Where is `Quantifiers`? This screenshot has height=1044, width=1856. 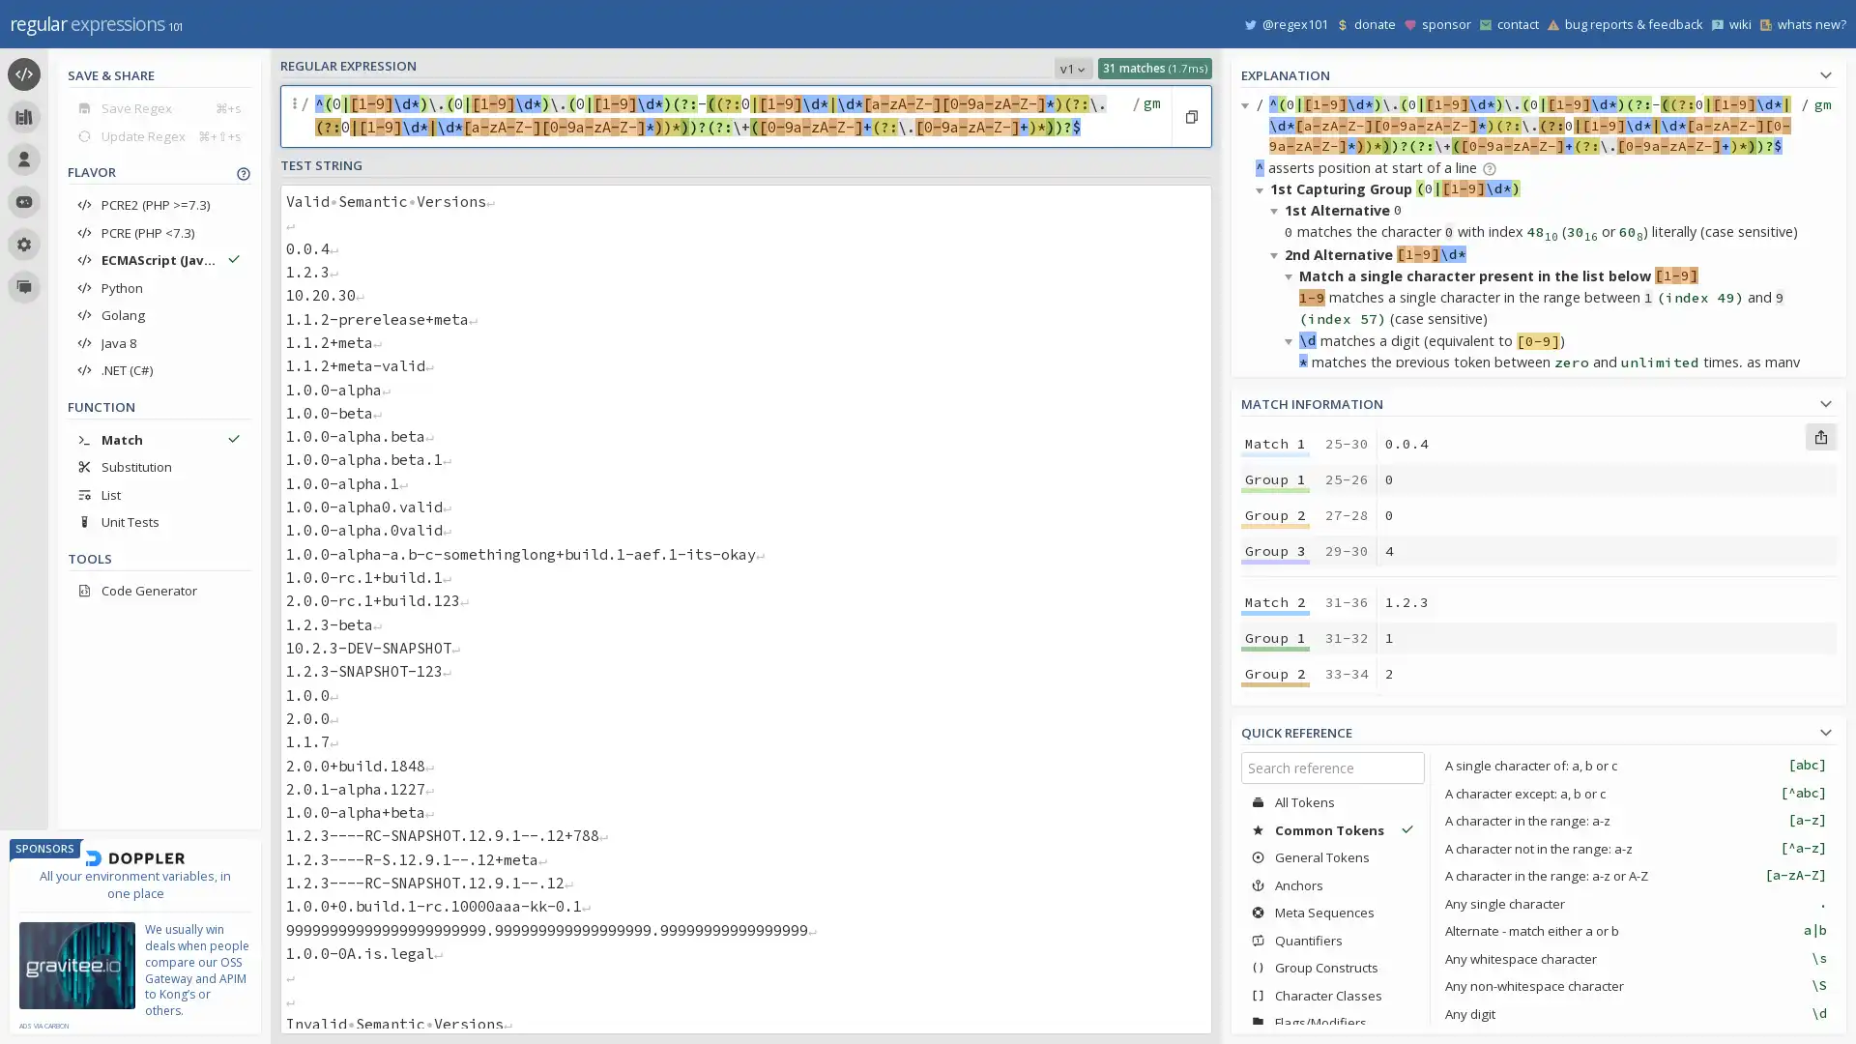 Quantifiers is located at coordinates (1331, 939).